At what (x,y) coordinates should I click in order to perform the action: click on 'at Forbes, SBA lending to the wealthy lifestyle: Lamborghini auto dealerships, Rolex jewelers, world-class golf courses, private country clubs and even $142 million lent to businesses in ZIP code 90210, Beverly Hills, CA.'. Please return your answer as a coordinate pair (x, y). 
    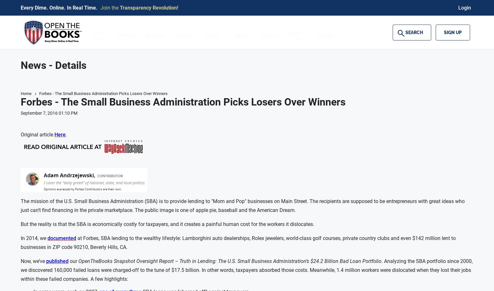
    Looking at the image, I should click on (238, 243).